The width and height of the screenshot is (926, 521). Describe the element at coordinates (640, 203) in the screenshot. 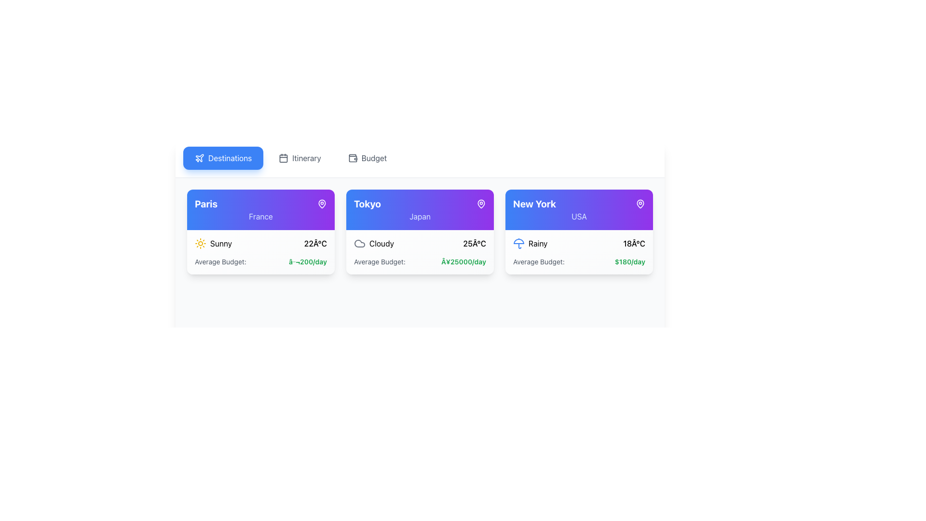

I see `the purple map pin icon located in the top-right corner of the New York card, which is the third card in a horizontal layout` at that location.